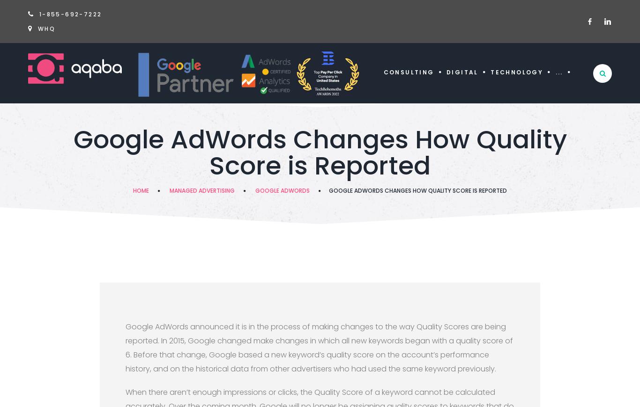 The height and width of the screenshot is (407, 640). I want to click on 'Google Adwords', so click(282, 190).